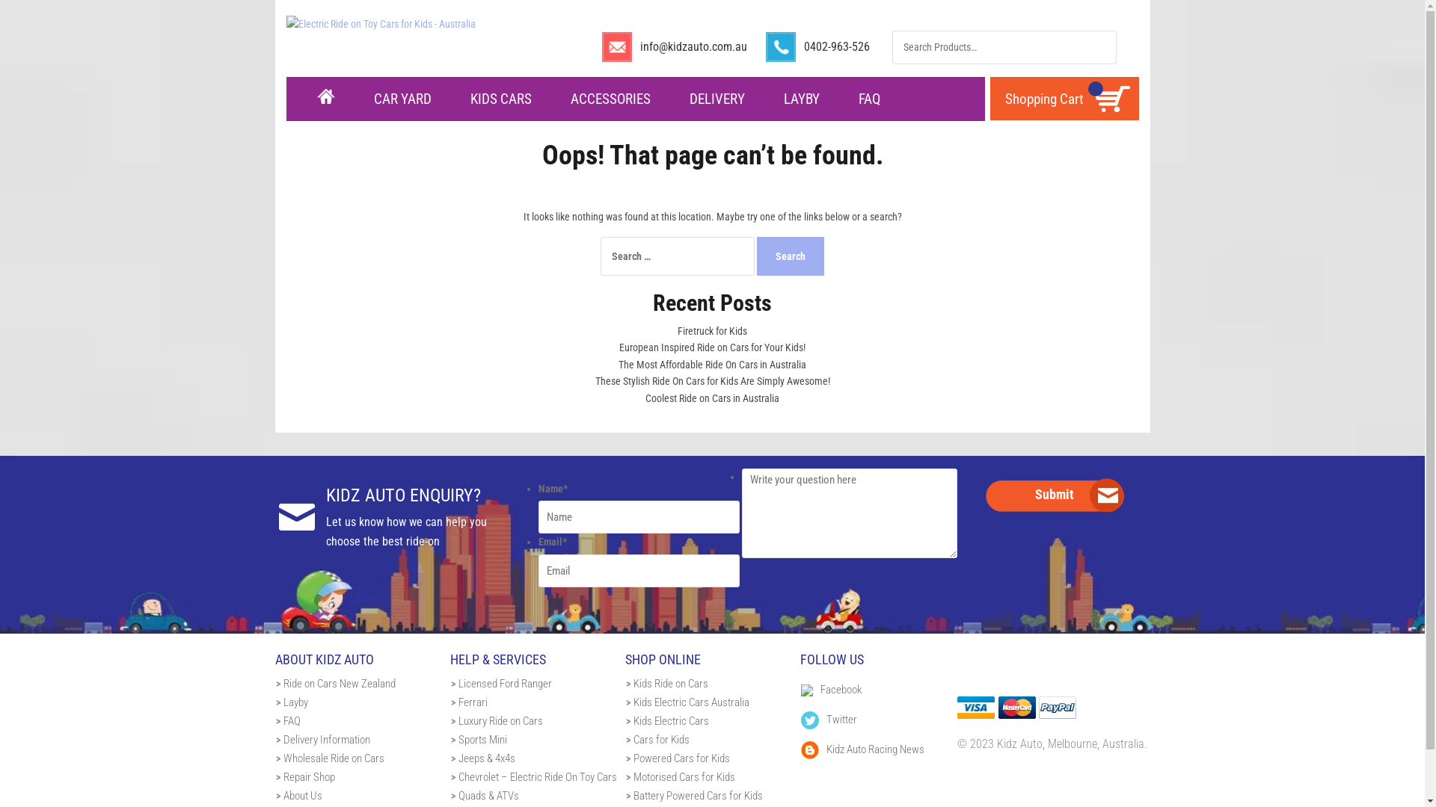 This screenshot has height=807, width=1436. I want to click on 'Firetruck for Kids', so click(711, 330).